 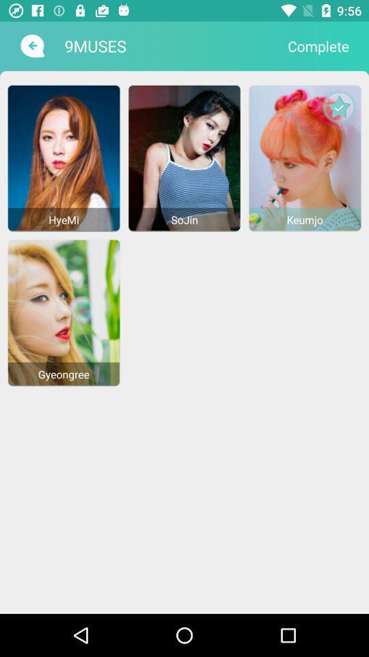 I want to click on the third image in the first row, so click(x=305, y=157).